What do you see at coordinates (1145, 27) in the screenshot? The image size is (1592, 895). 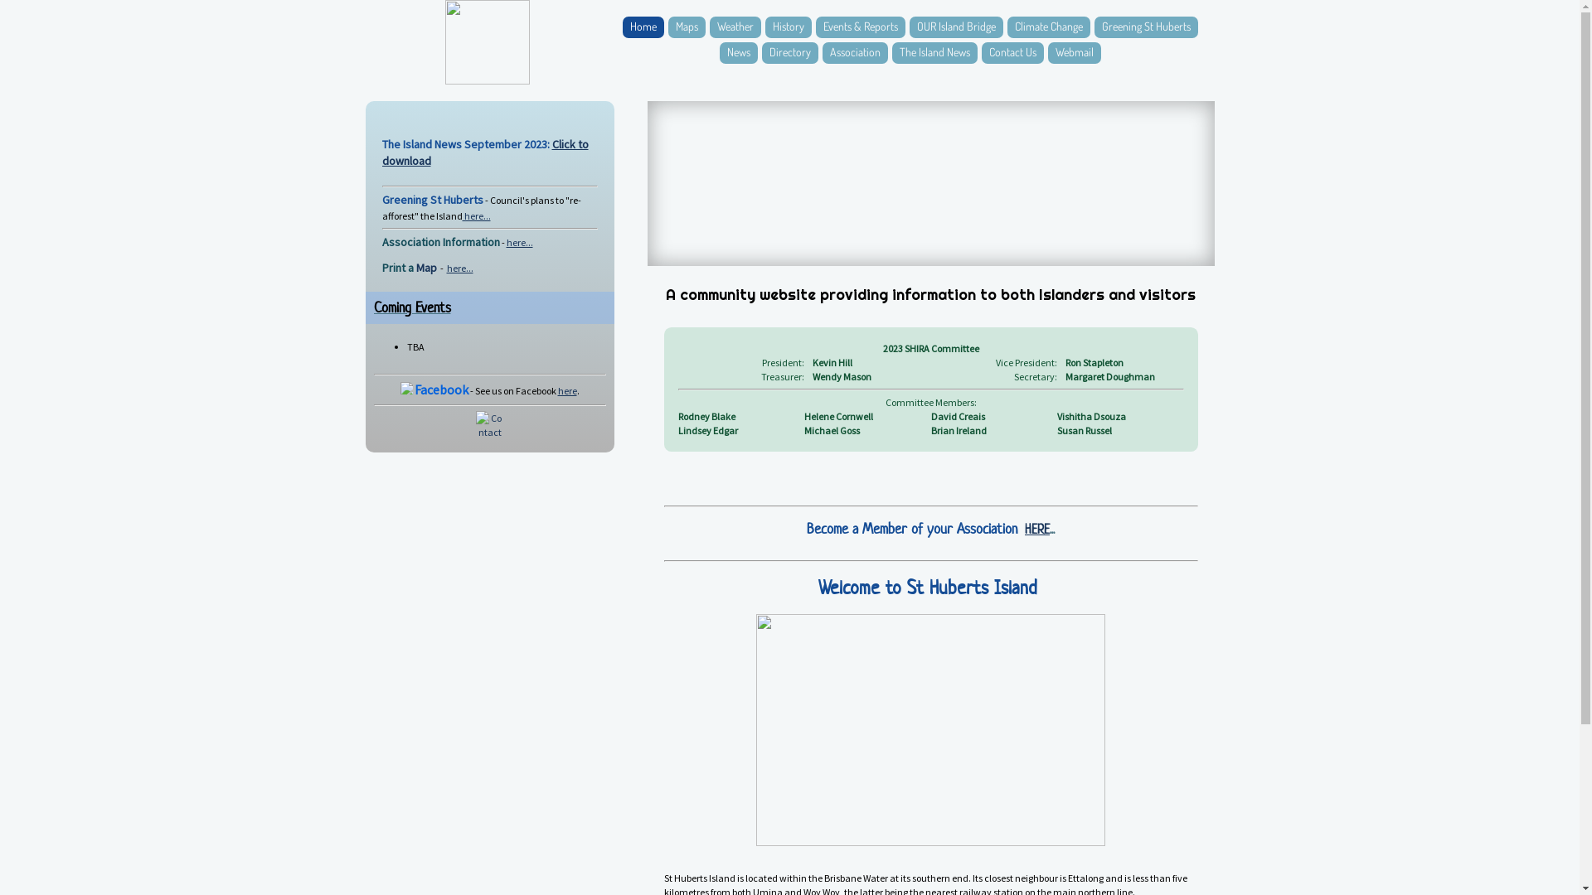 I see `'Greening St Huberts'` at bounding box center [1145, 27].